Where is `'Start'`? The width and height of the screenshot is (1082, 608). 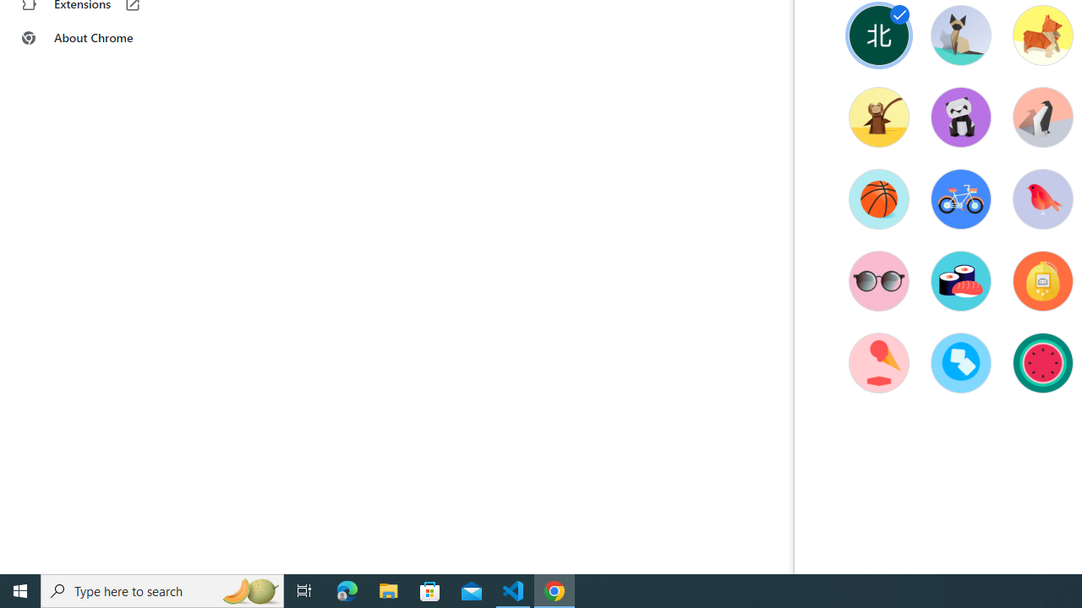 'Start' is located at coordinates (20, 589).